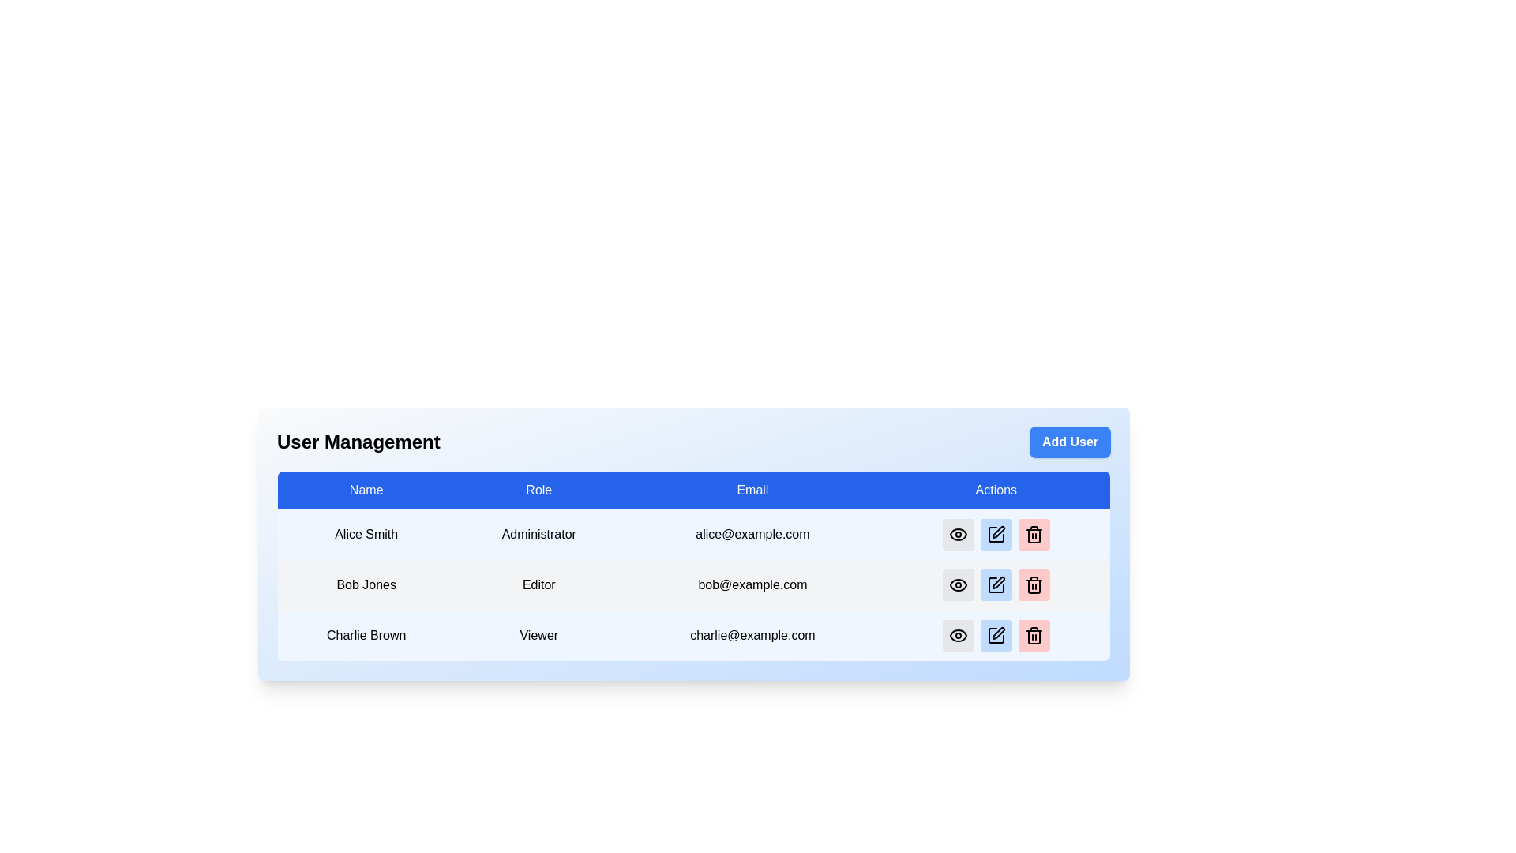 Image resolution: width=1516 pixels, height=853 pixels. What do you see at coordinates (365, 534) in the screenshot?
I see `the text label displaying 'Alice Smith', which is the first entry in the 'Name' column of the table` at bounding box center [365, 534].